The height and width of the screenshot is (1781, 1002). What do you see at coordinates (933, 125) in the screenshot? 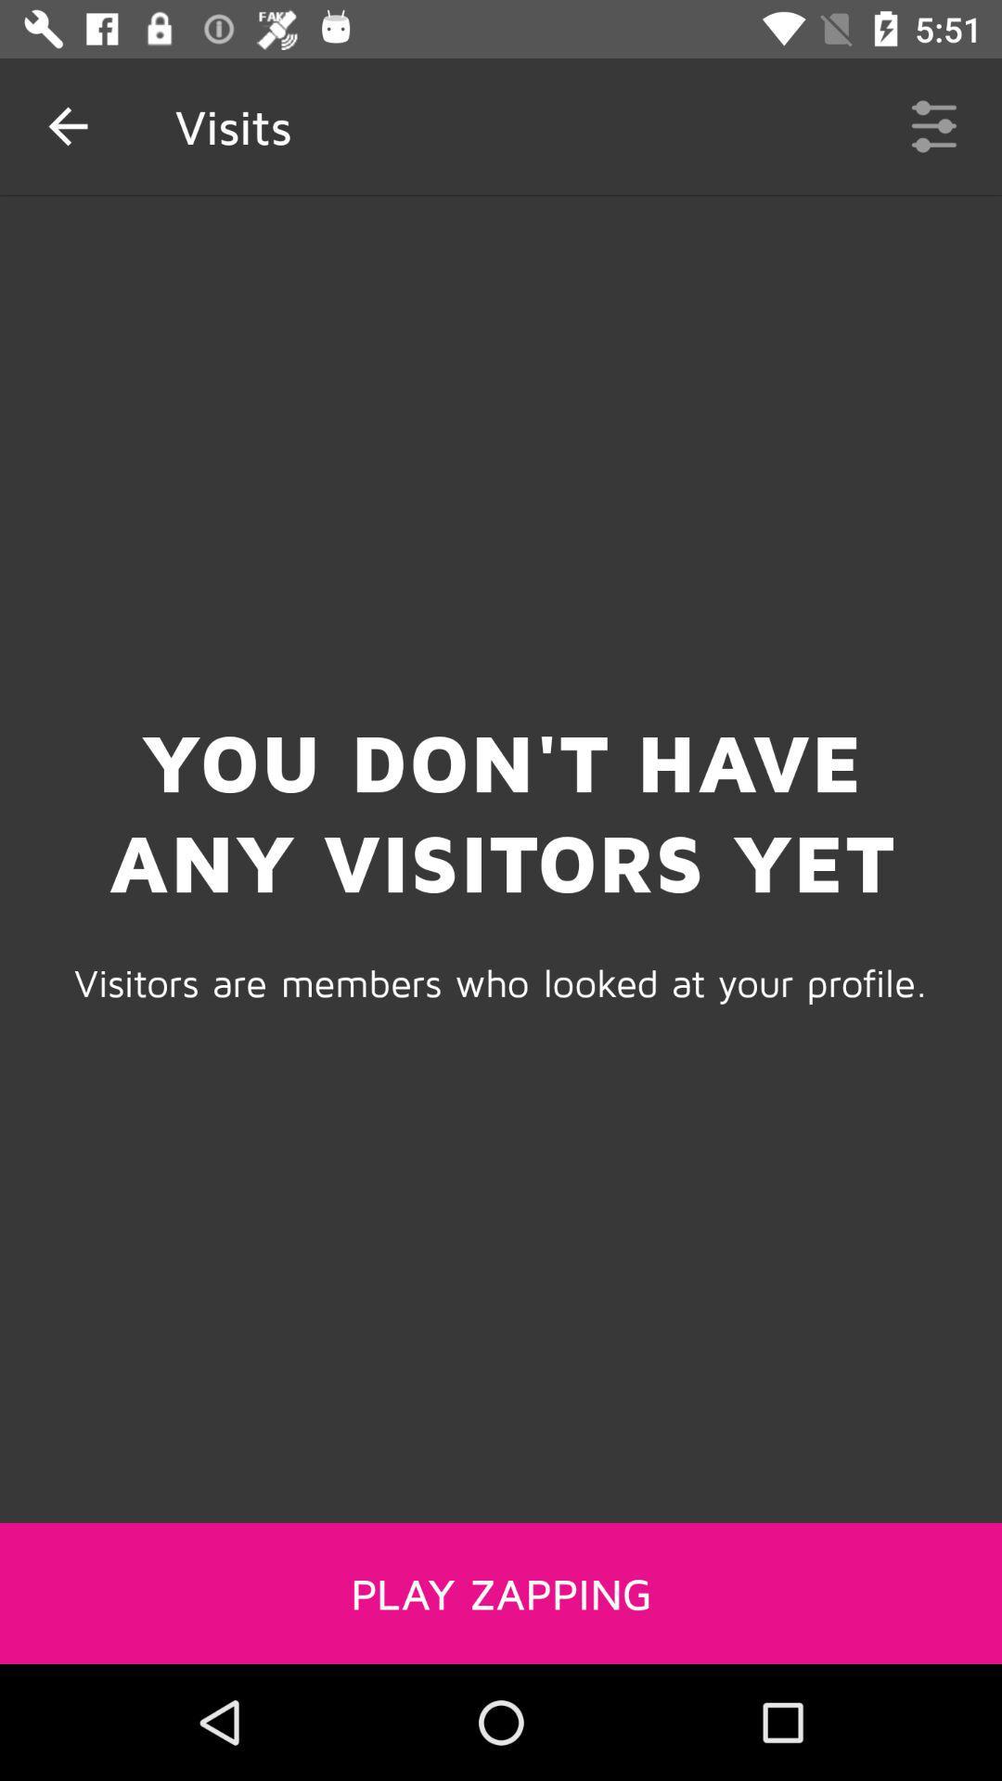
I see `item above the you don t item` at bounding box center [933, 125].